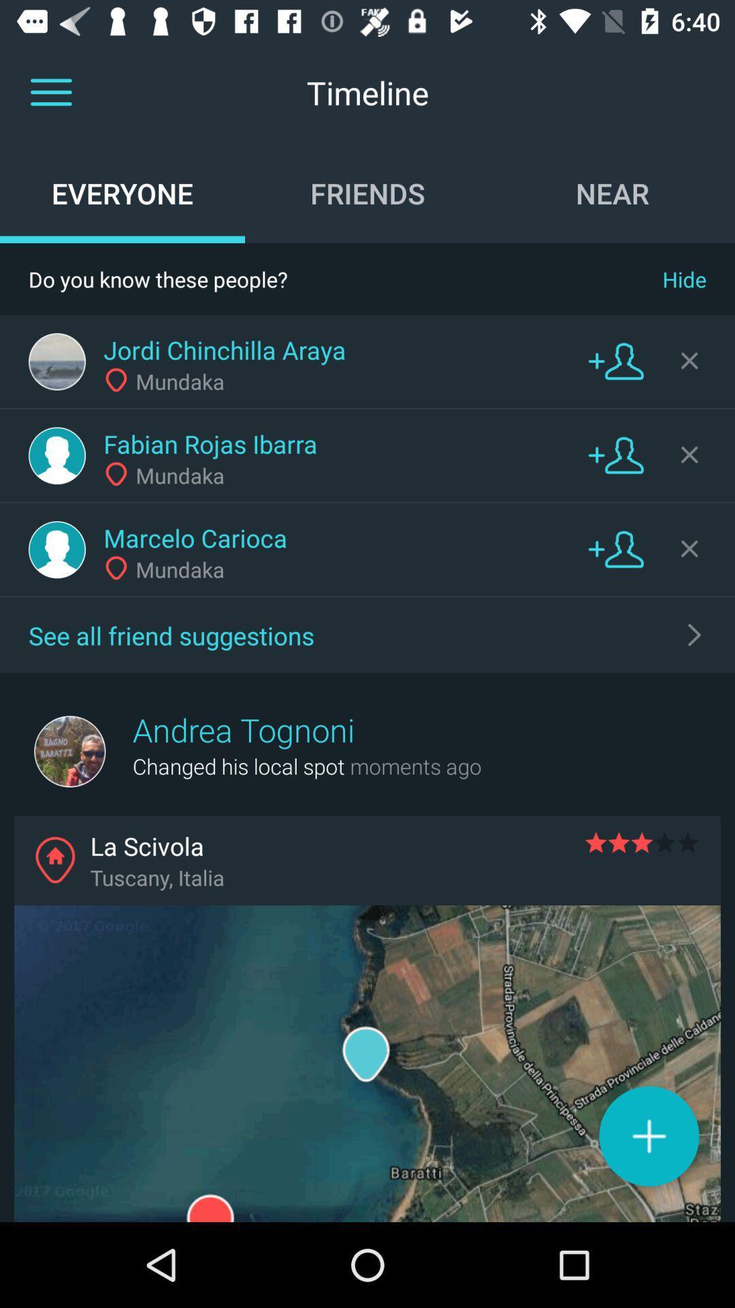  I want to click on contact, so click(616, 548).